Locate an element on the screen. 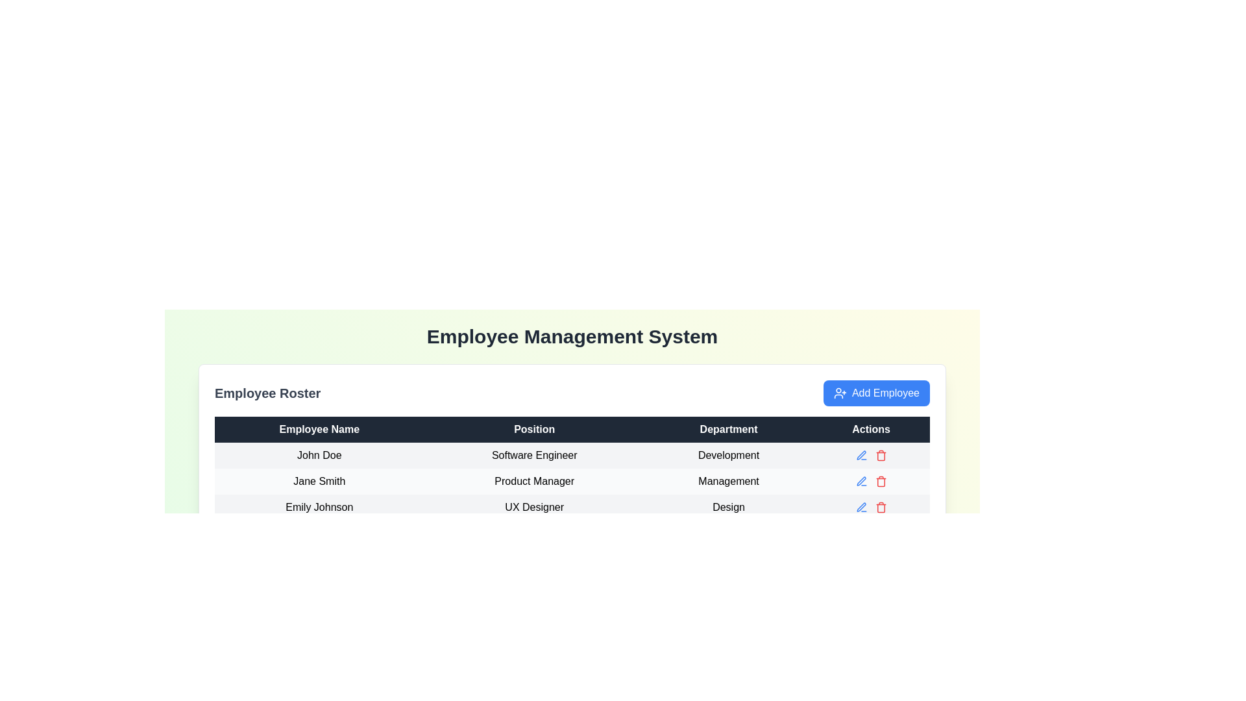 The image size is (1246, 701). the edit icon located in the last cell of the row for 'Jane Smith' under the 'Actions' heading in the fourth column of the table to modify the entry is located at coordinates (871, 481).